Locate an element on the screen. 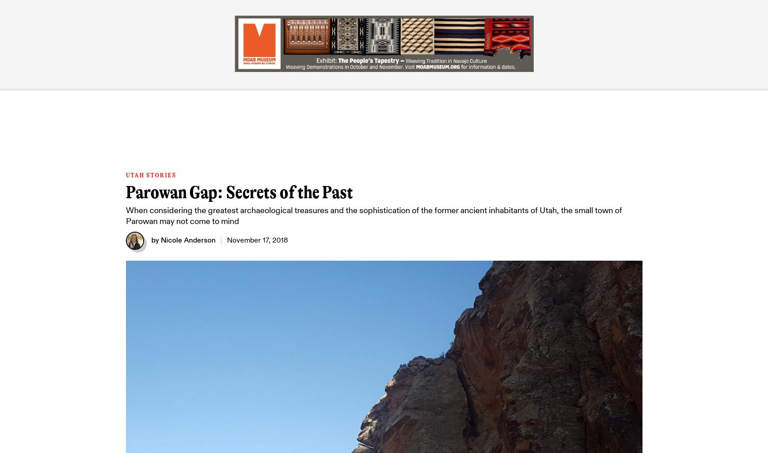 This screenshot has width=768, height=453. 'The Legacy of Johnson Farms' is located at coordinates (257, 403).